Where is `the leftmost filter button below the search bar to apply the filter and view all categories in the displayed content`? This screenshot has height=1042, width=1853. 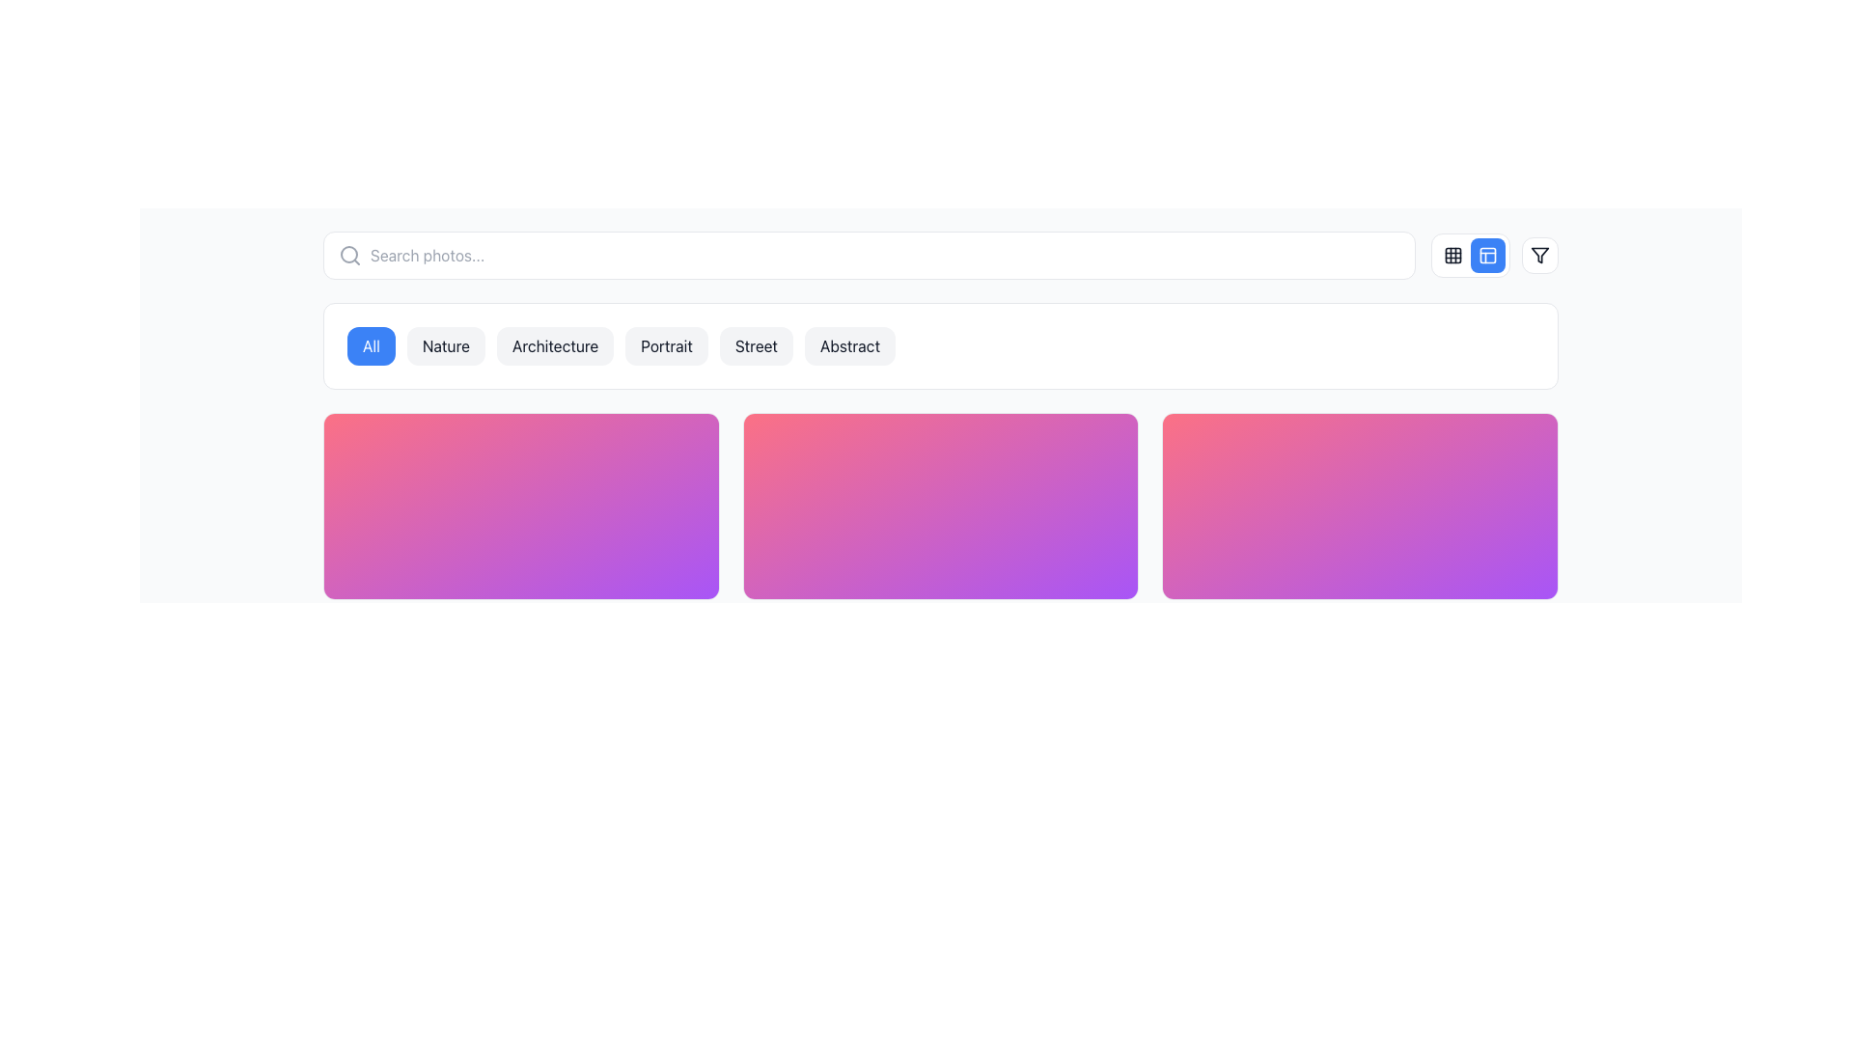
the leftmost filter button below the search bar to apply the filter and view all categories in the displayed content is located at coordinates (371, 344).